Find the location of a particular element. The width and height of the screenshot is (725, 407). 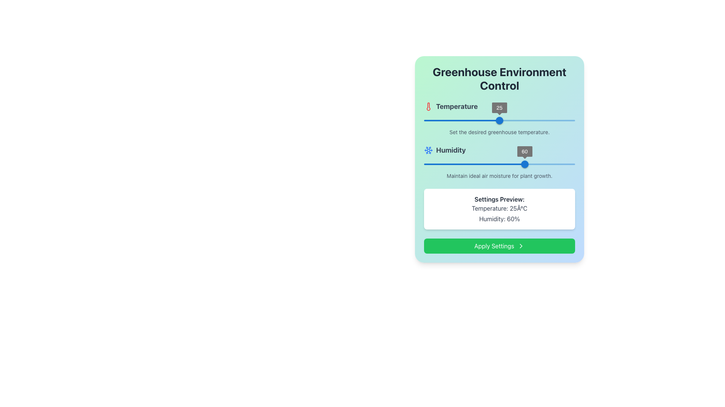

the decorative segment of the thermometer icon located to the left of the 'Temperature' label is located at coordinates (428, 106).